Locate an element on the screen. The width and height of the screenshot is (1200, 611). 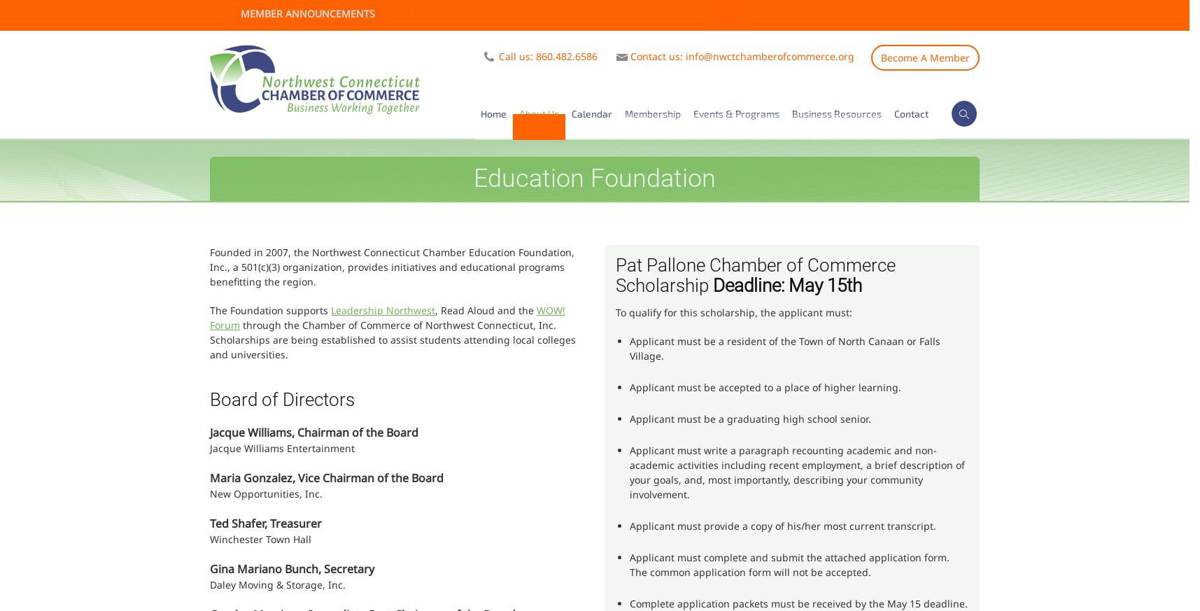
'through the Chamber of Commerce of Northwest Connecticut, Inc. Scholarships are being established to assist students attending local colleges and universities.' is located at coordinates (392, 339).